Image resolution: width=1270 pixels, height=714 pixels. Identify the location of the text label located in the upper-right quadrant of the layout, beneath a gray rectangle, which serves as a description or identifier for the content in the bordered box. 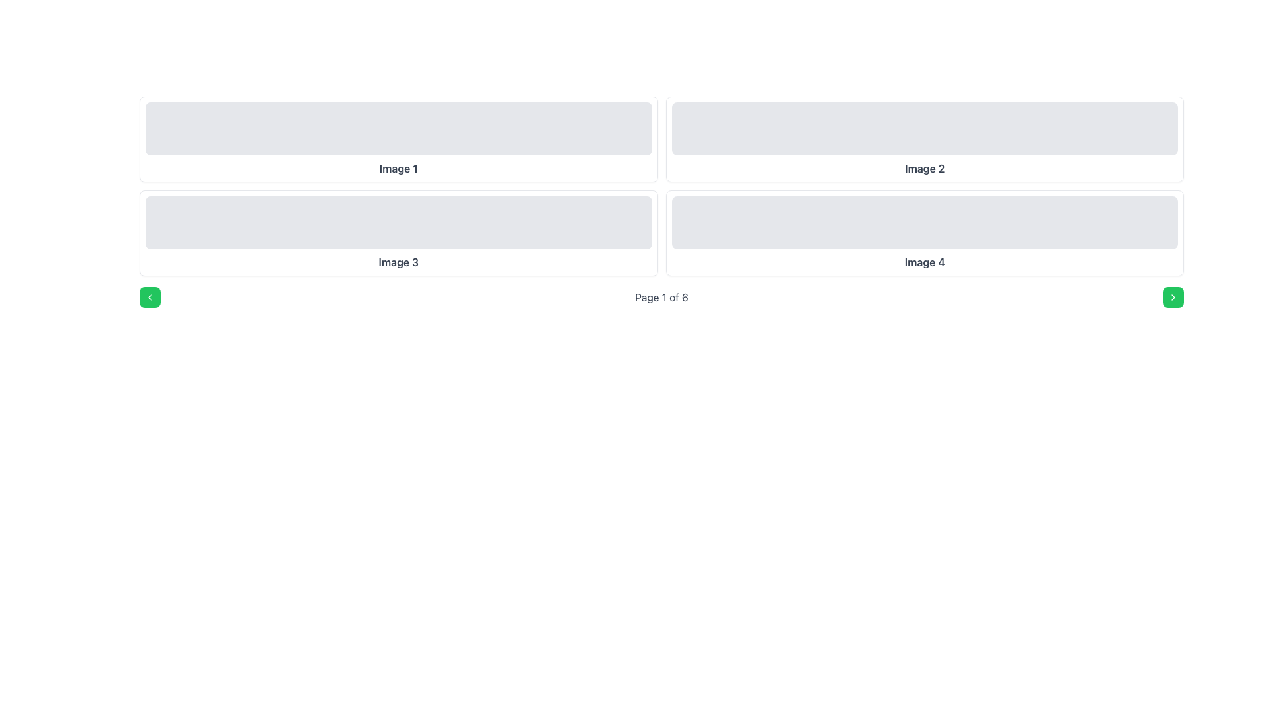
(924, 167).